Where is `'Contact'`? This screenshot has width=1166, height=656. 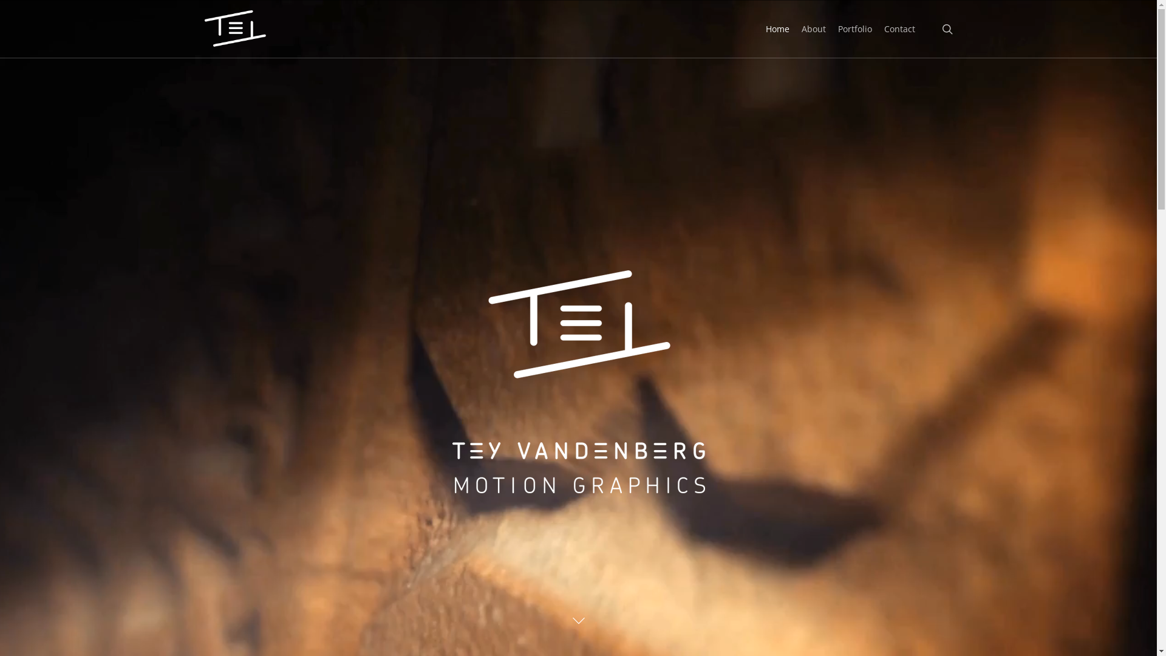
'Contact' is located at coordinates (899, 28).